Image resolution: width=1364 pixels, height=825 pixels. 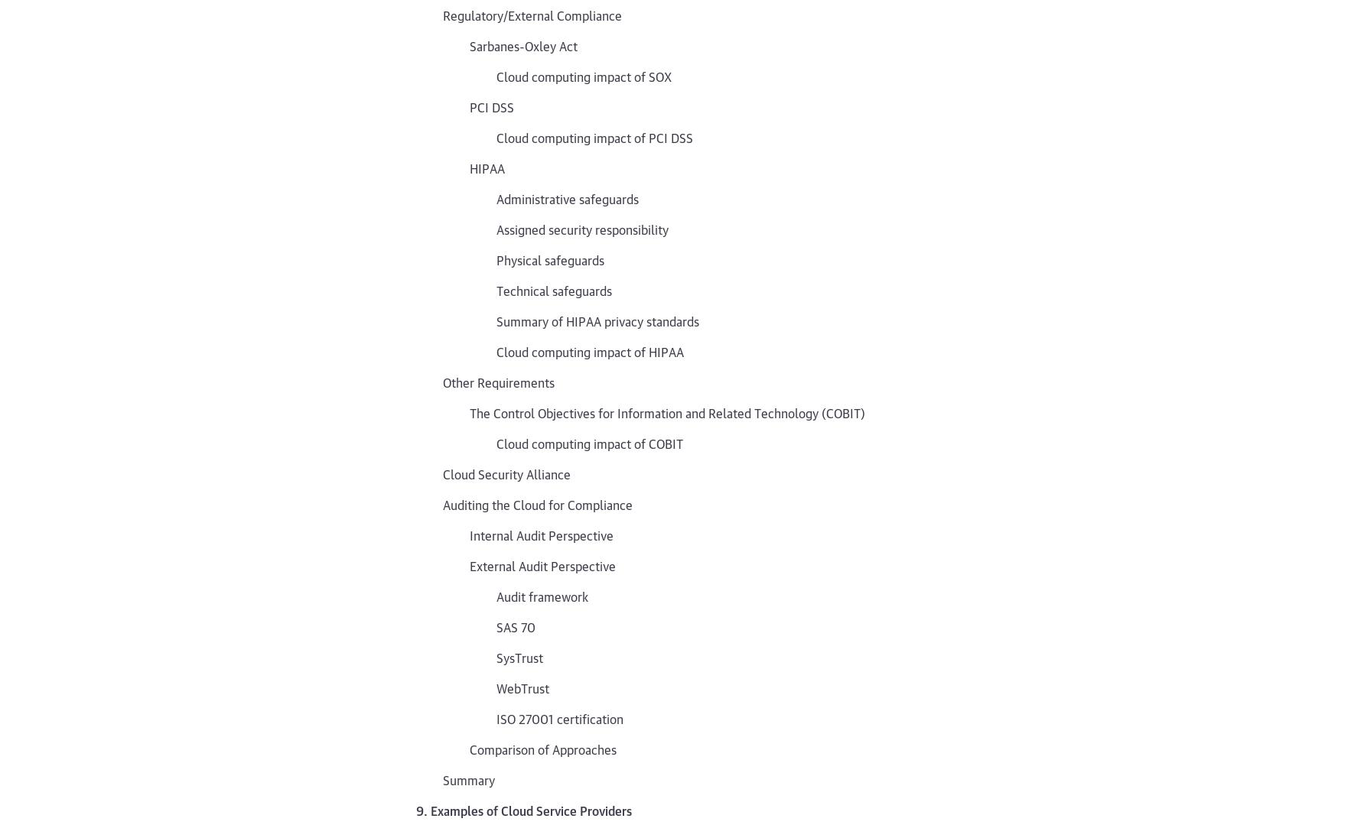 What do you see at coordinates (491, 105) in the screenshot?
I see `'PCI DSS'` at bounding box center [491, 105].